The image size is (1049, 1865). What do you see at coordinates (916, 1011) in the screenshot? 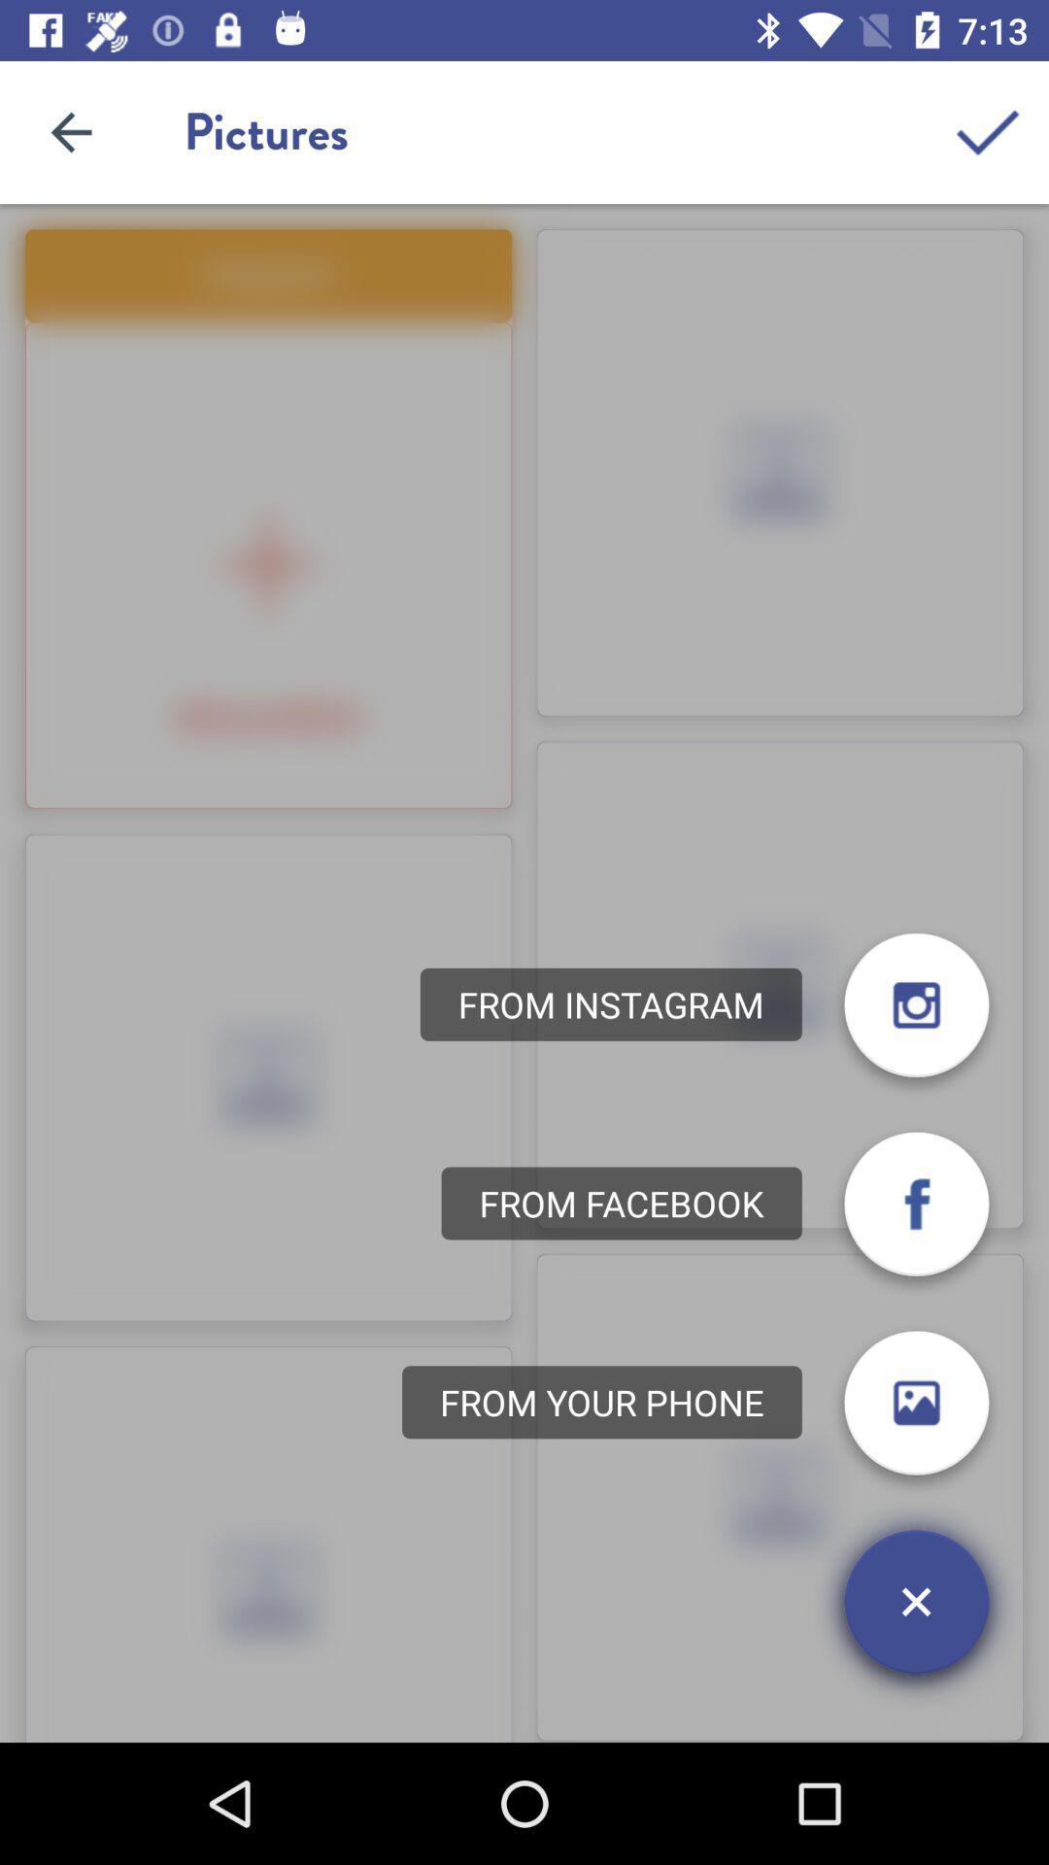
I see `the photo icon` at bounding box center [916, 1011].